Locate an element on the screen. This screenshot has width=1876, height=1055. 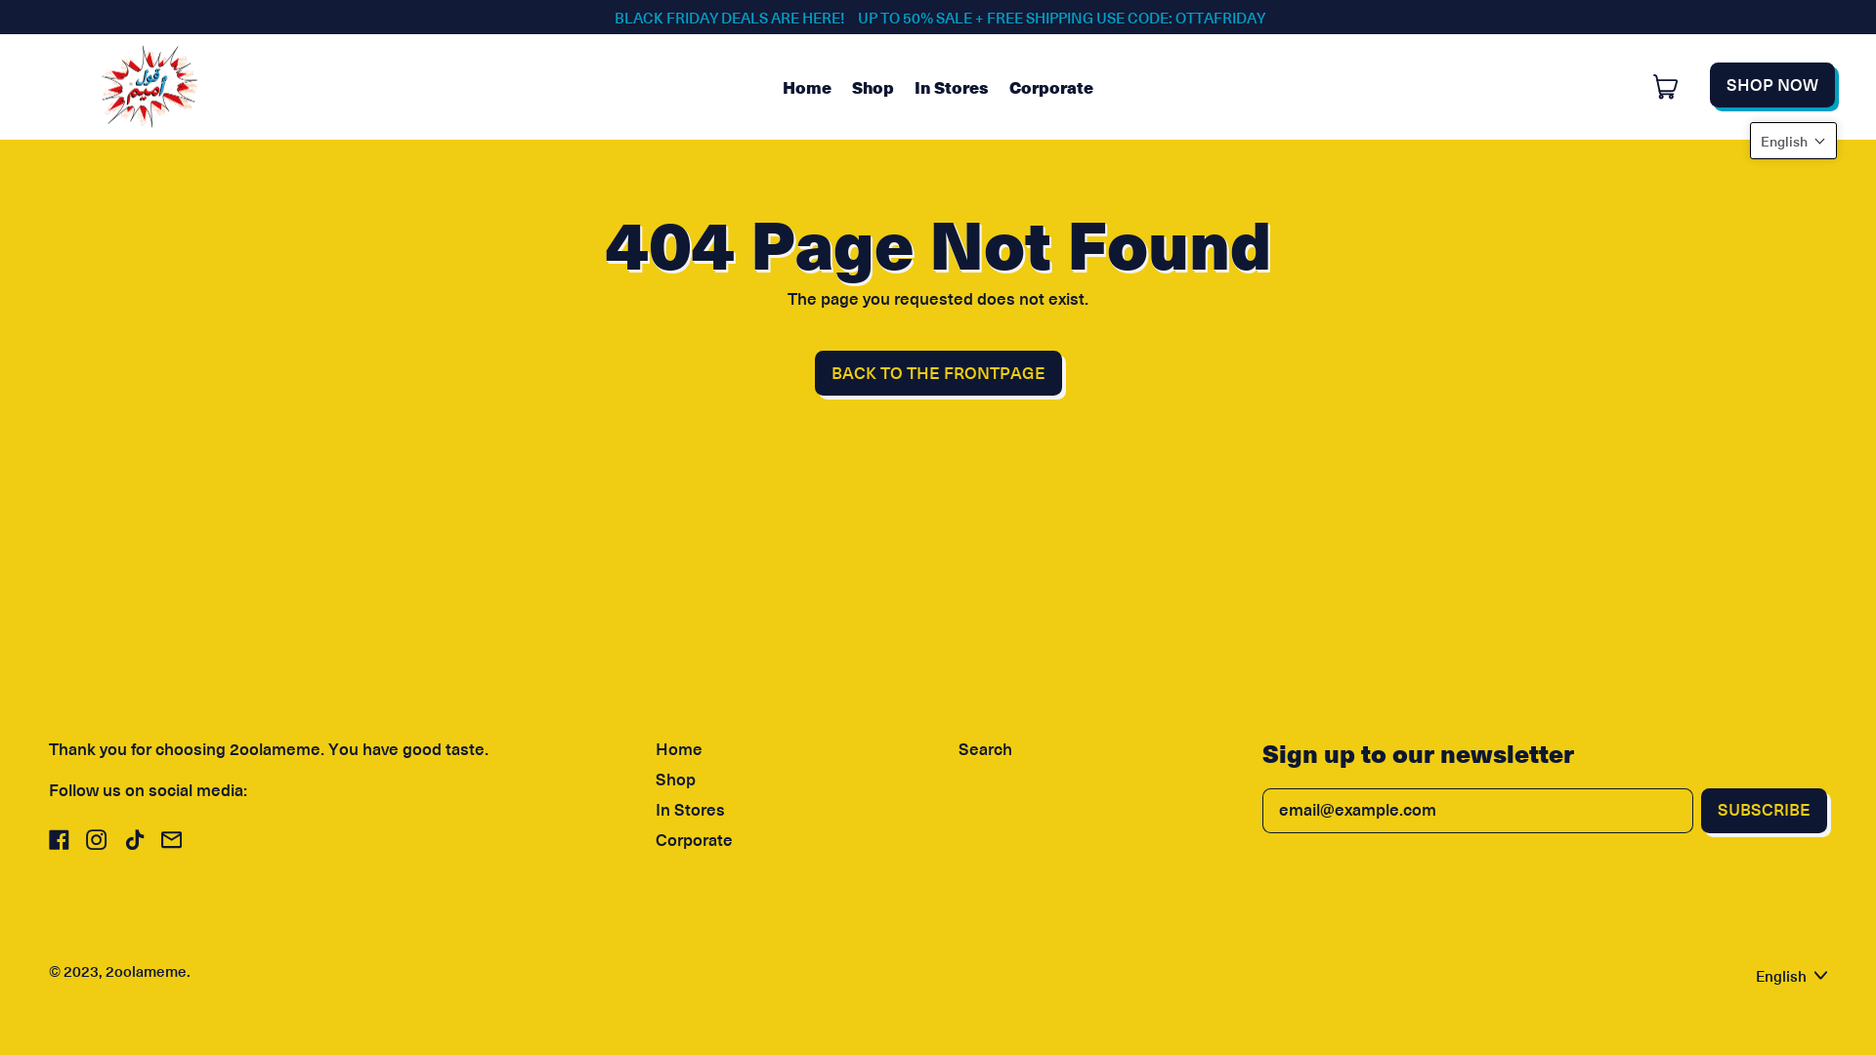
'SHOP NOW' is located at coordinates (1772, 84).